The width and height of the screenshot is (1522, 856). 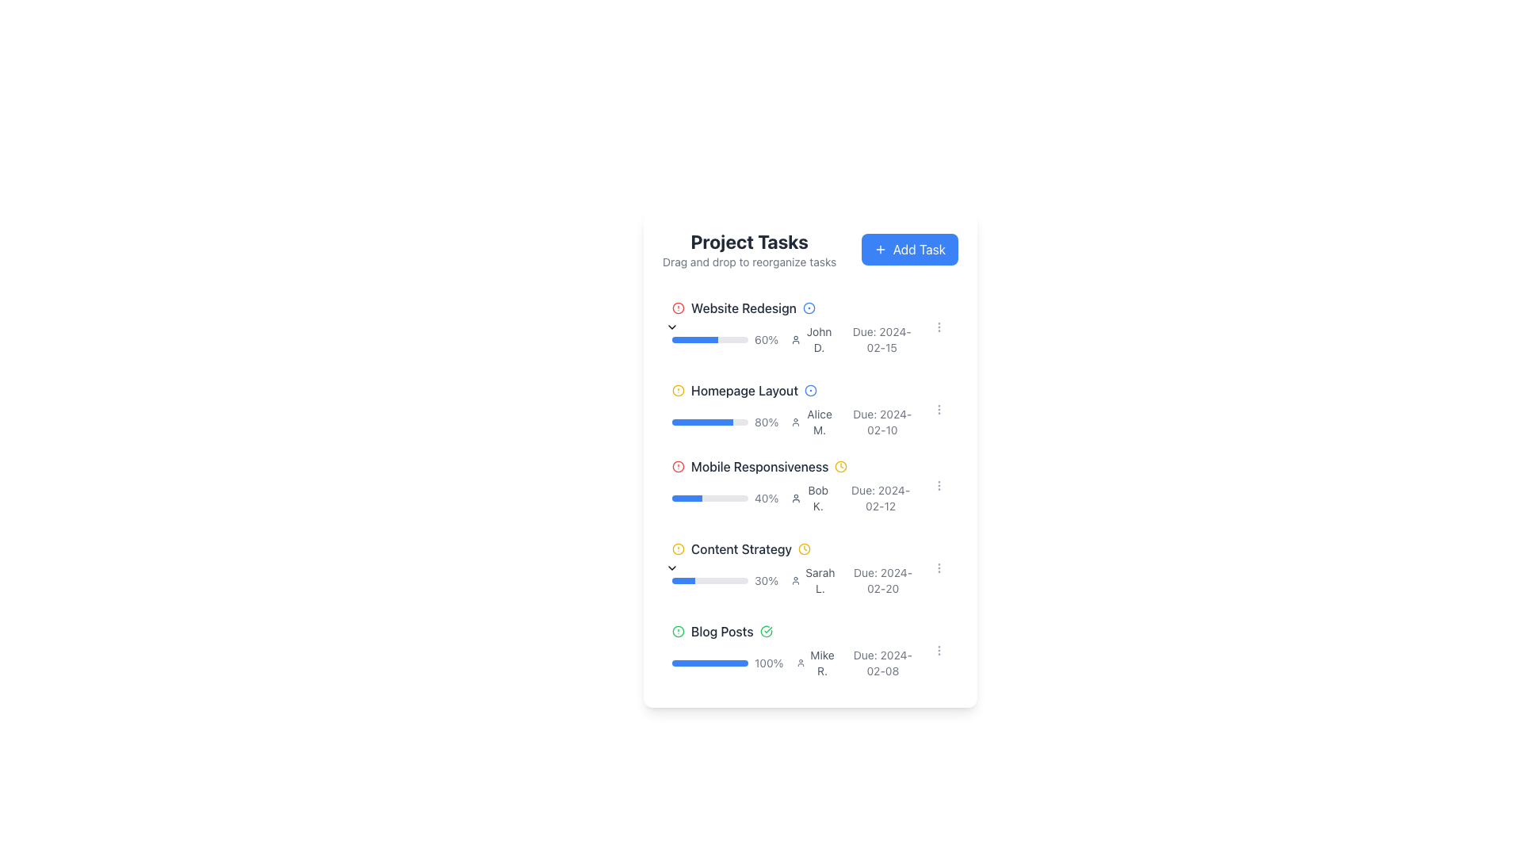 I want to click on the status indication of the green hollow circle icon with a checkmark located to the left of the 'Blog Posts' text in the task list, so click(x=678, y=631).